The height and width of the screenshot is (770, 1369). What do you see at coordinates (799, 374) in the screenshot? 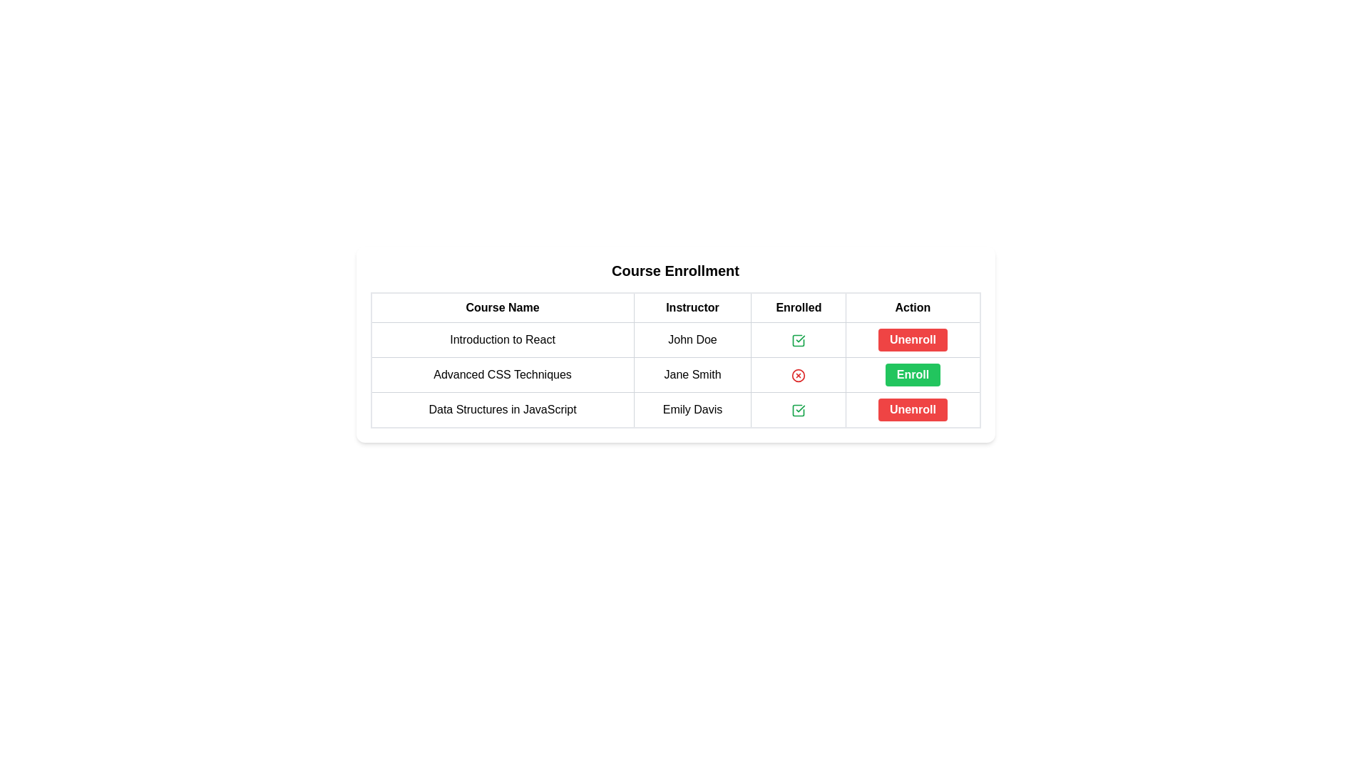
I see `the unenrolled status icon located in the 'Enrolled' column of the row for 'Advanced CSS Techniques', positioned to the left of the 'Enroll' button` at bounding box center [799, 374].